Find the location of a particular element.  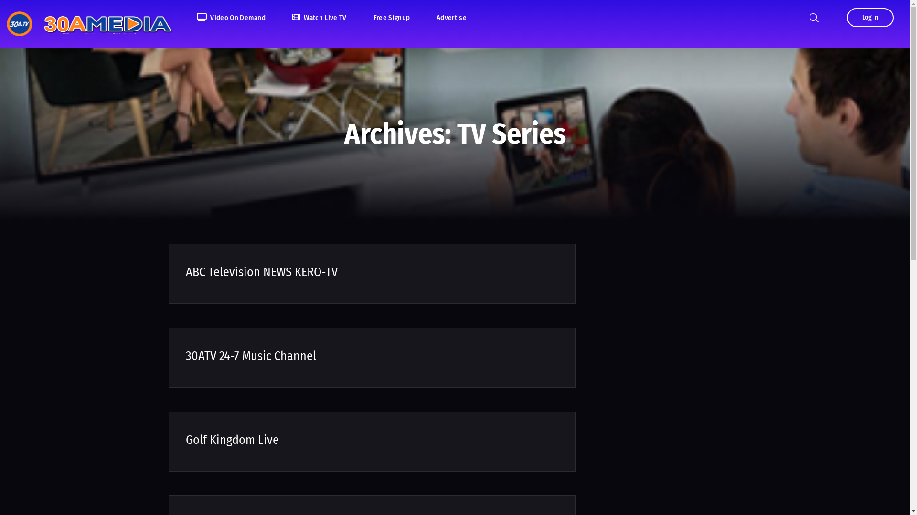

'Log In' is located at coordinates (870, 18).